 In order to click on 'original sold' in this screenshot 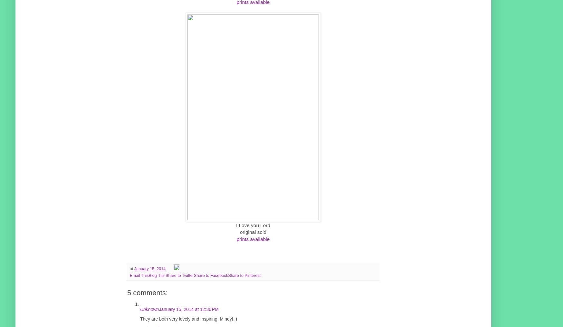, I will do `click(253, 232)`.